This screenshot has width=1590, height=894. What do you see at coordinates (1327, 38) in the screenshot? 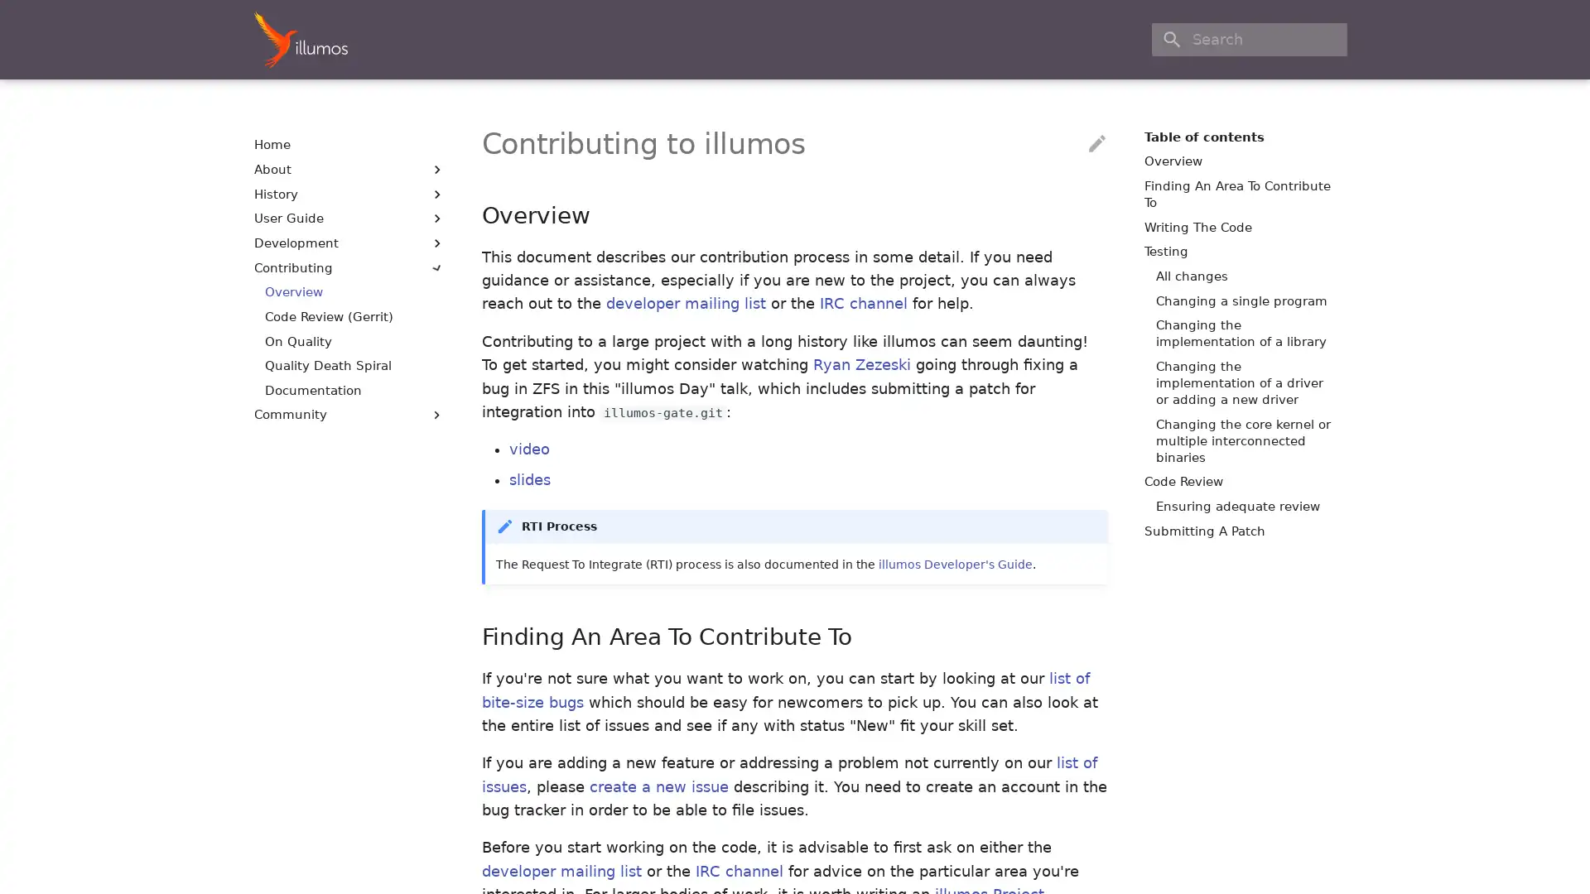
I see `Clear` at bounding box center [1327, 38].